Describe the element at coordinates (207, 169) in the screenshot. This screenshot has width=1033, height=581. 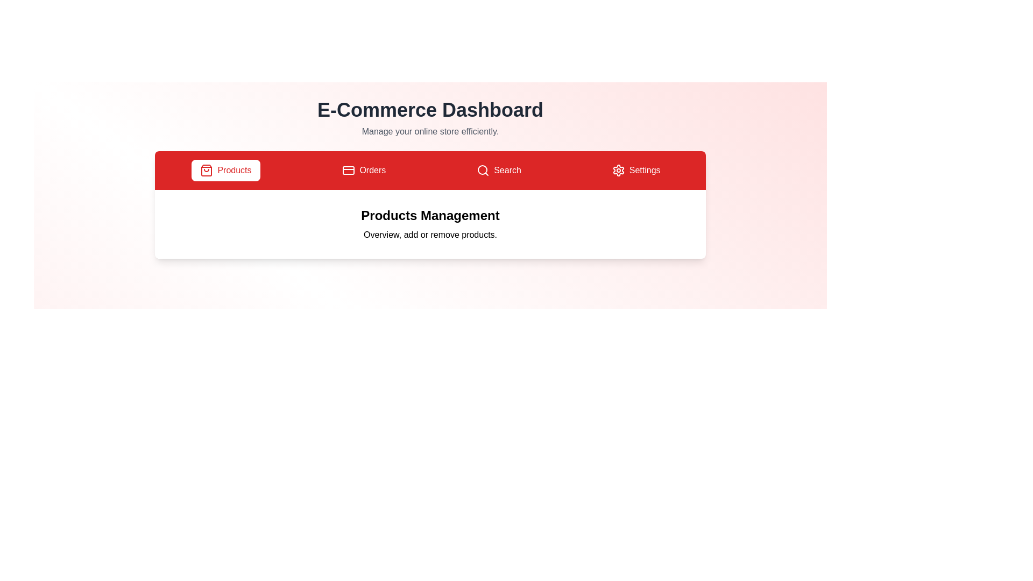
I see `the filled red trapezoidal shopping bag icon located on the far left of the red navigation bar` at that location.